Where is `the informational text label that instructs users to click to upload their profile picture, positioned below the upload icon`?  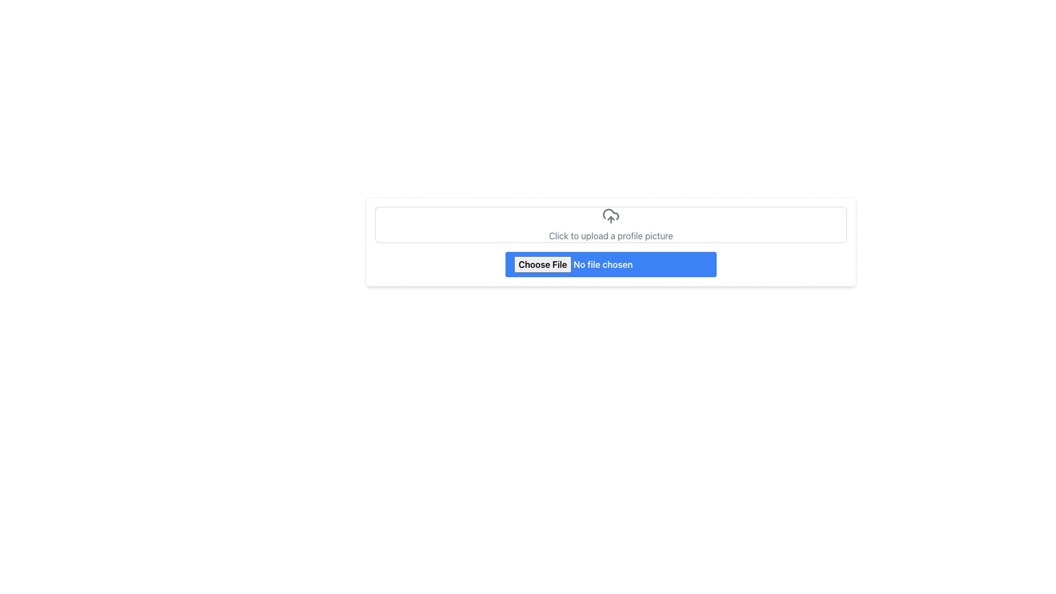 the informational text label that instructs users to click to upload their profile picture, positioned below the upload icon is located at coordinates (610, 235).